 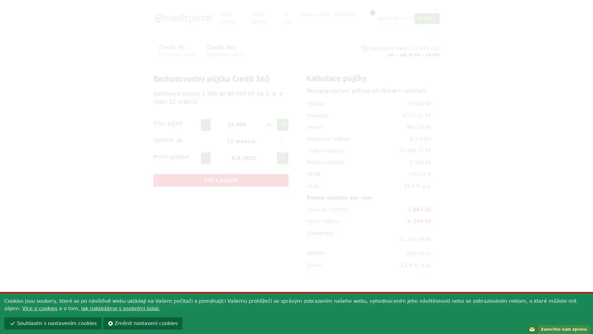 What do you see at coordinates (53, 323) in the screenshot?
I see `Souhlasim s nastavenim cookies` at bounding box center [53, 323].